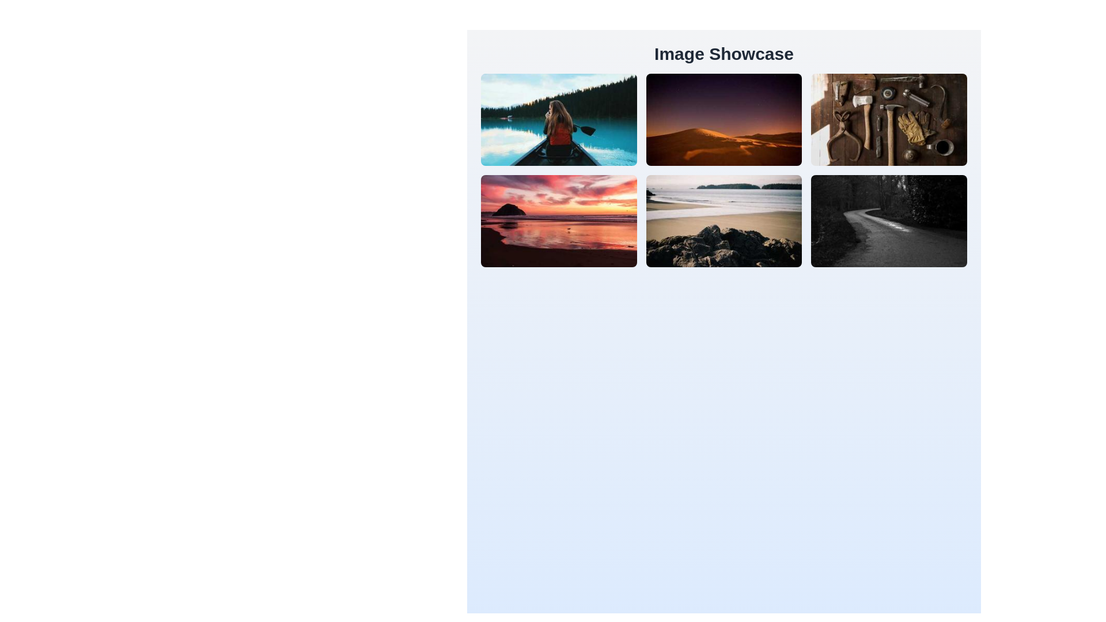 This screenshot has width=1106, height=622. What do you see at coordinates (888, 120) in the screenshot?
I see `the image showcasing tools and accessories in the top-right corner of the grid layout to enlarge it` at bounding box center [888, 120].